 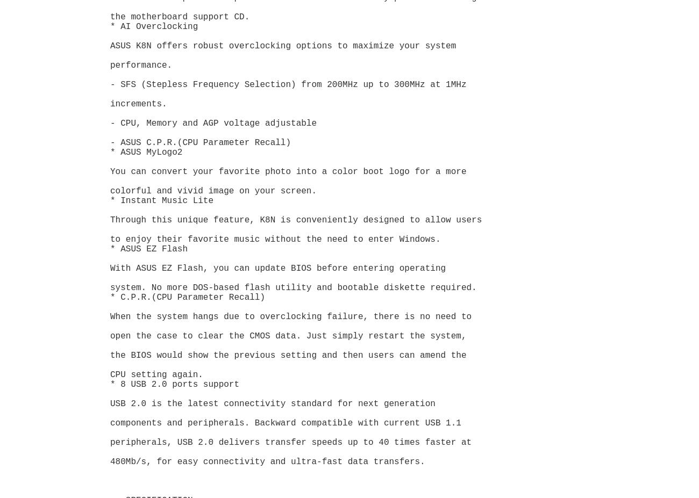 I want to click on '* AI Overclocking', so click(x=154, y=26).